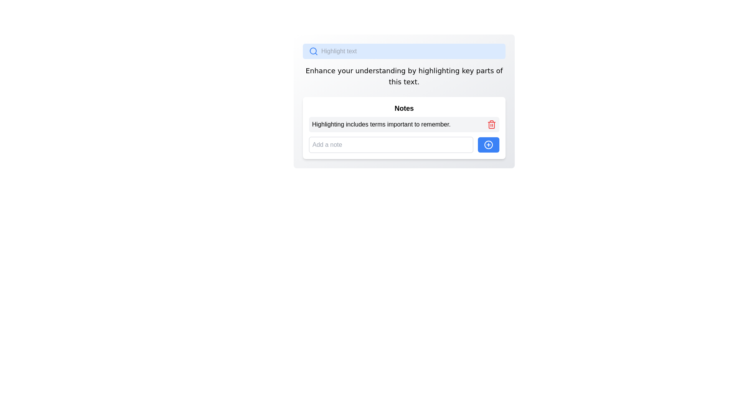 The image size is (737, 414). I want to click on the letter 'h' in the word 'Enhance' within the text 'Enhance your understanding by highlighting key parts of this text.', so click(316, 71).